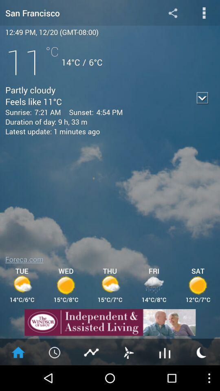  What do you see at coordinates (201, 351) in the screenshot?
I see `moon` at bounding box center [201, 351].